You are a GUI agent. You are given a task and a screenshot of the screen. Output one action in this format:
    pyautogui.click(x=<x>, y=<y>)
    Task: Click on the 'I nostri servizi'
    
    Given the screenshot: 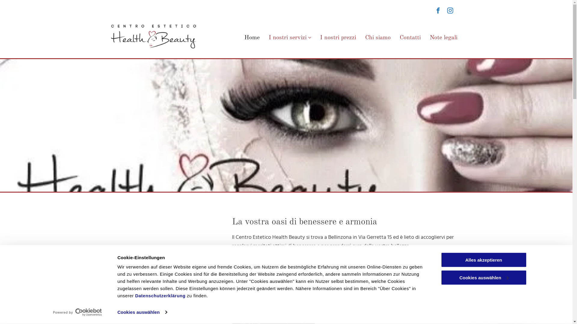 What is the action you would take?
    pyautogui.click(x=268, y=38)
    